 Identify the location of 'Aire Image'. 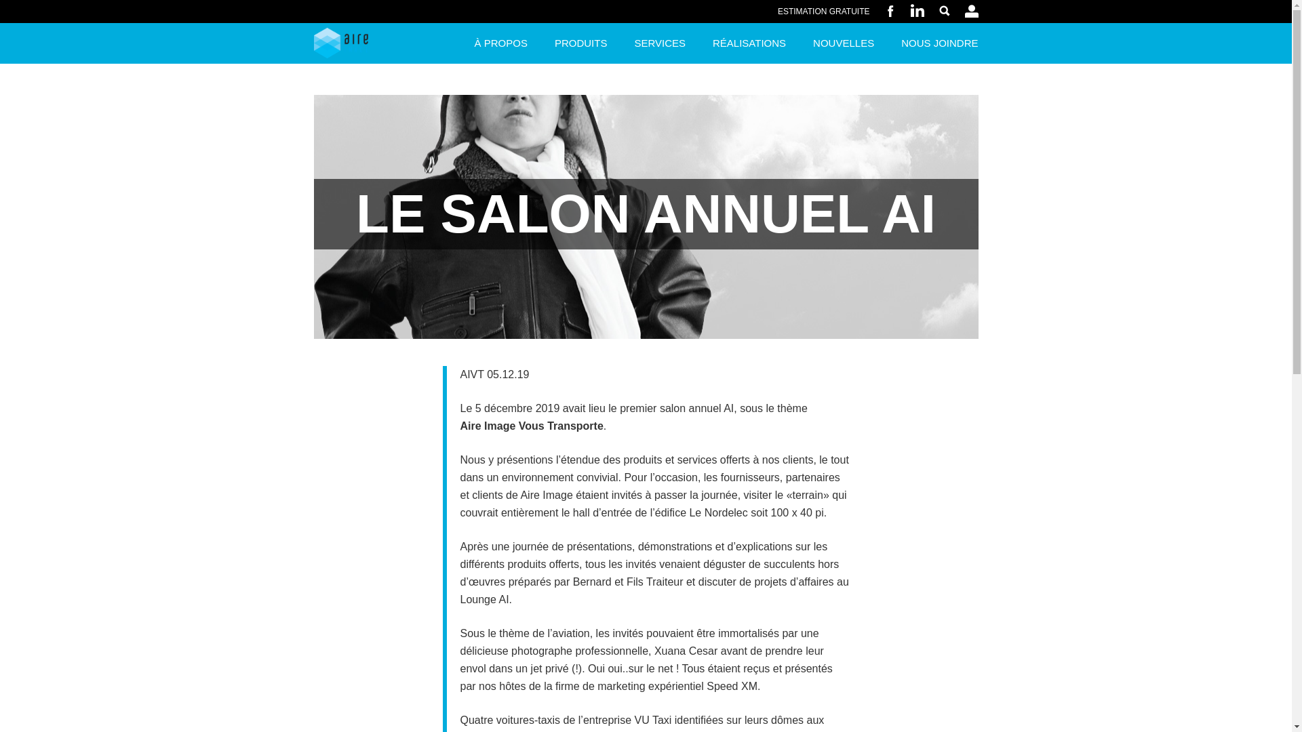
(340, 42).